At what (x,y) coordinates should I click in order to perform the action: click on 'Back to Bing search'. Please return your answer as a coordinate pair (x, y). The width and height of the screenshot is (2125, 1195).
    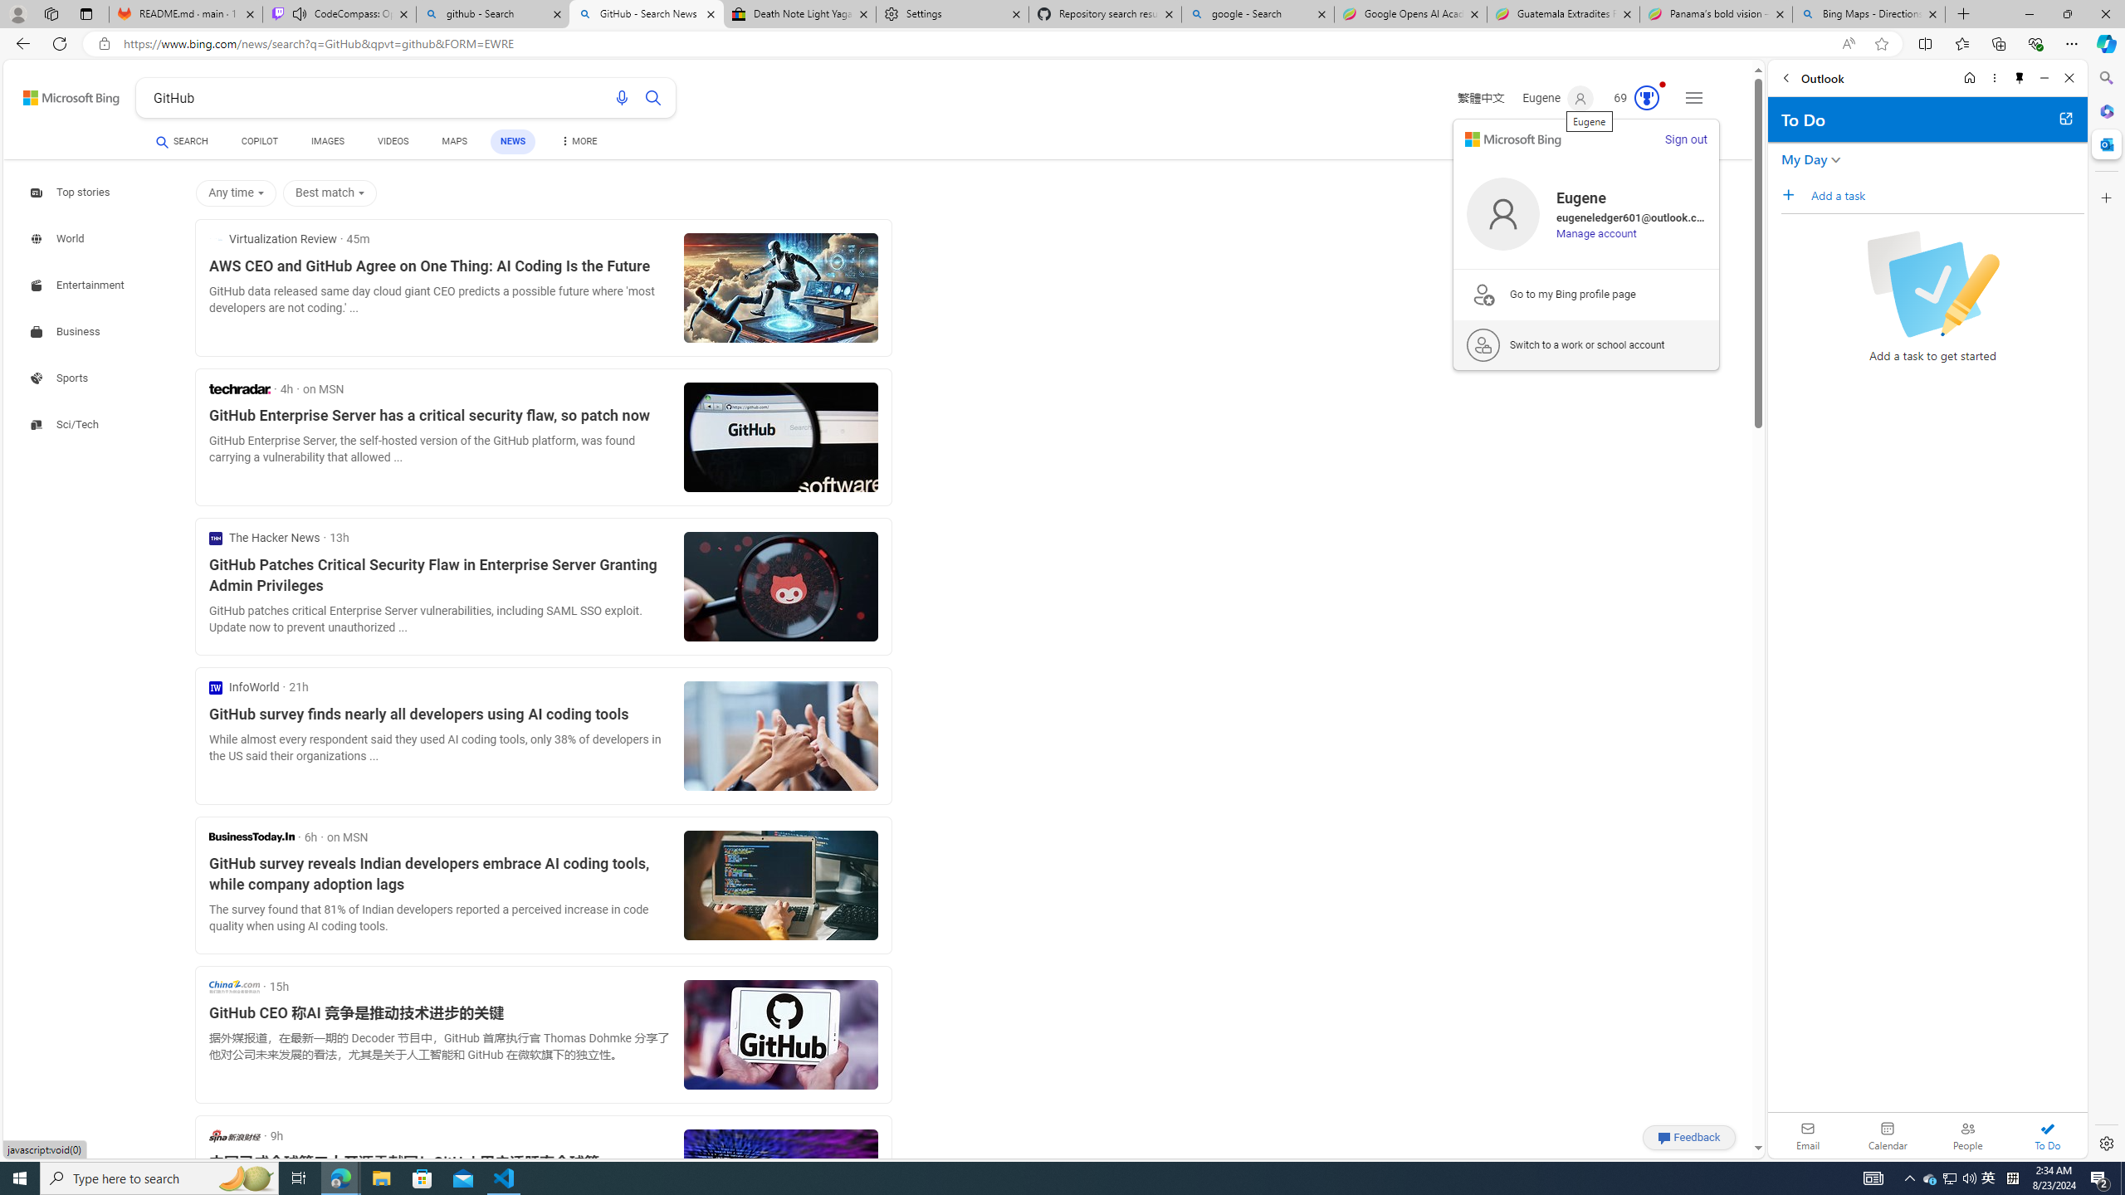
    Looking at the image, I should click on (61, 93).